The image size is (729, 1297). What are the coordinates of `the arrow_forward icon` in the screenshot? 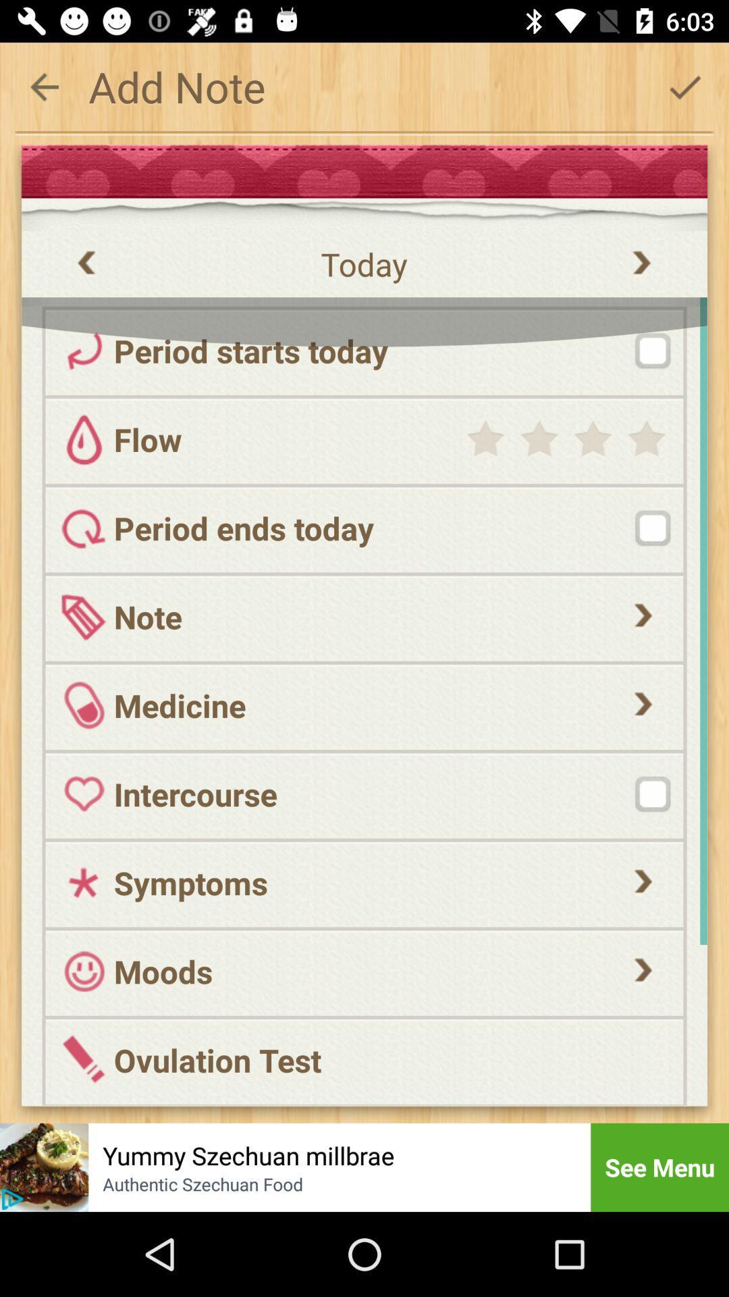 It's located at (643, 961).